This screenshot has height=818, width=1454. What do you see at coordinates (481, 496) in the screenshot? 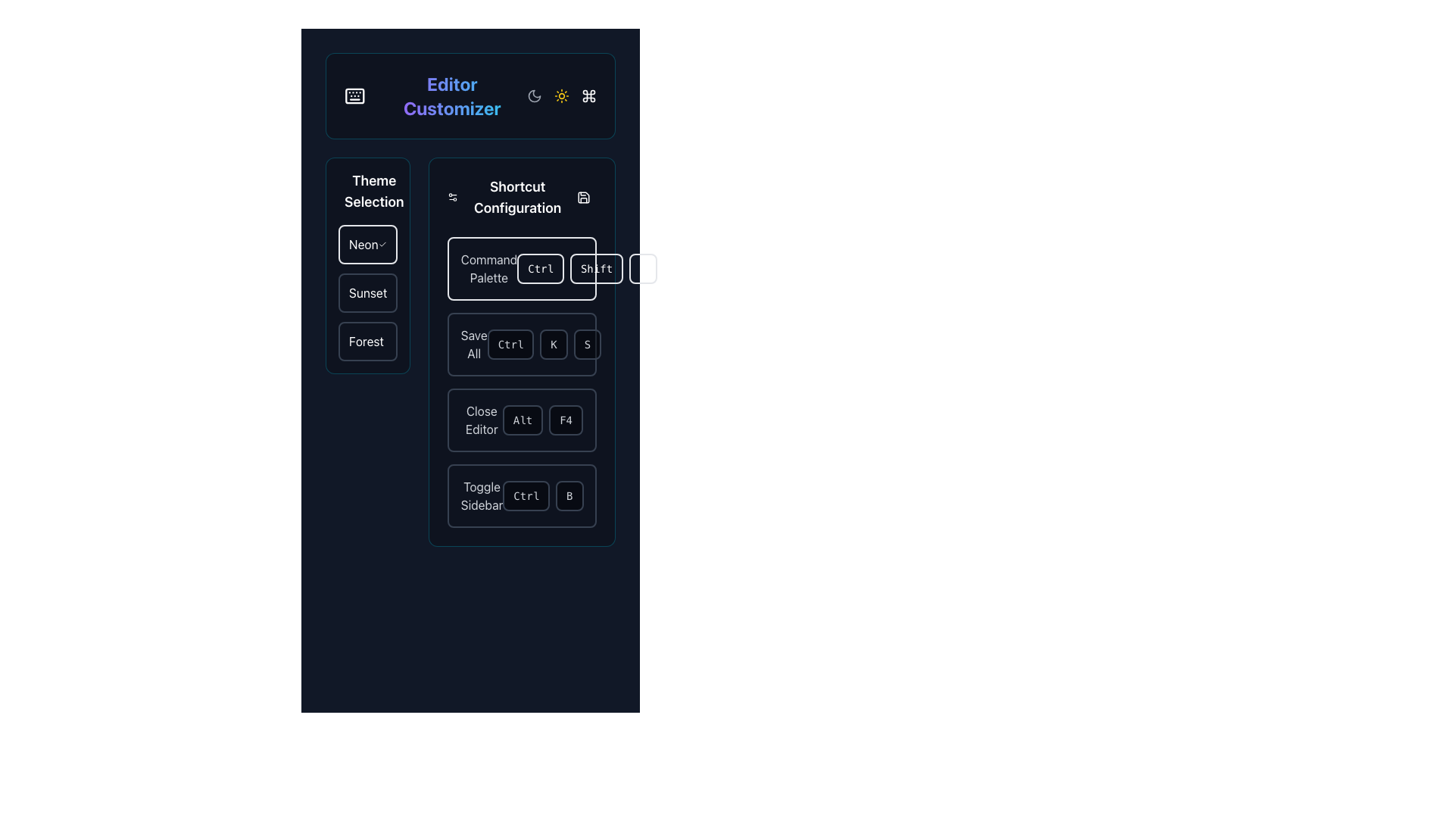
I see `the 'Toggle Sidebar' text label, which is displayed in light gray on a dark background, located within the 'Shortcut Configuration' column and adjacent to the shortcut keys 'Ctrl' and 'B'` at bounding box center [481, 496].